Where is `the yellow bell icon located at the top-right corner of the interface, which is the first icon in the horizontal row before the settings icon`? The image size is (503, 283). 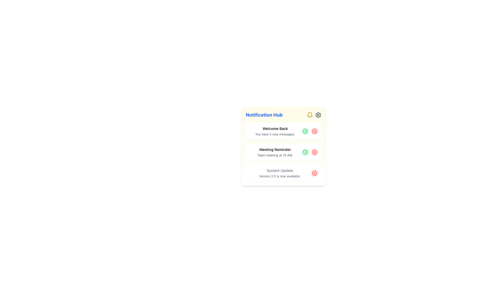
the yellow bell icon located at the top-right corner of the interface, which is the first icon in the horizontal row before the settings icon is located at coordinates (310, 115).